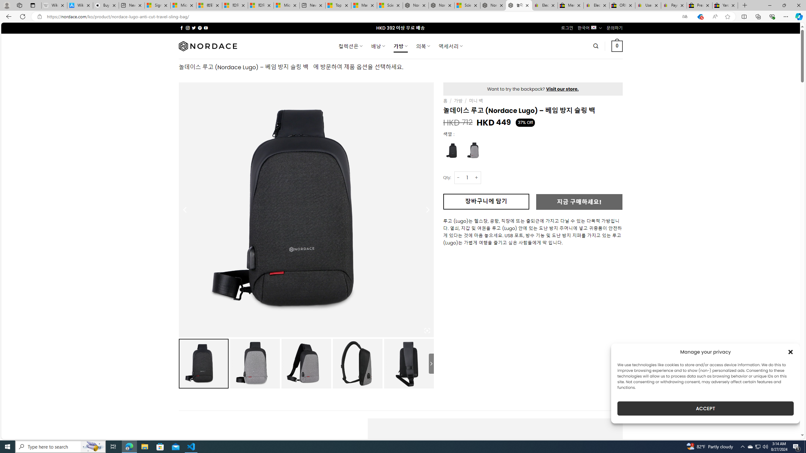 The image size is (806, 453). I want to click on 'Wikipedia - Sleeping', so click(54, 5).